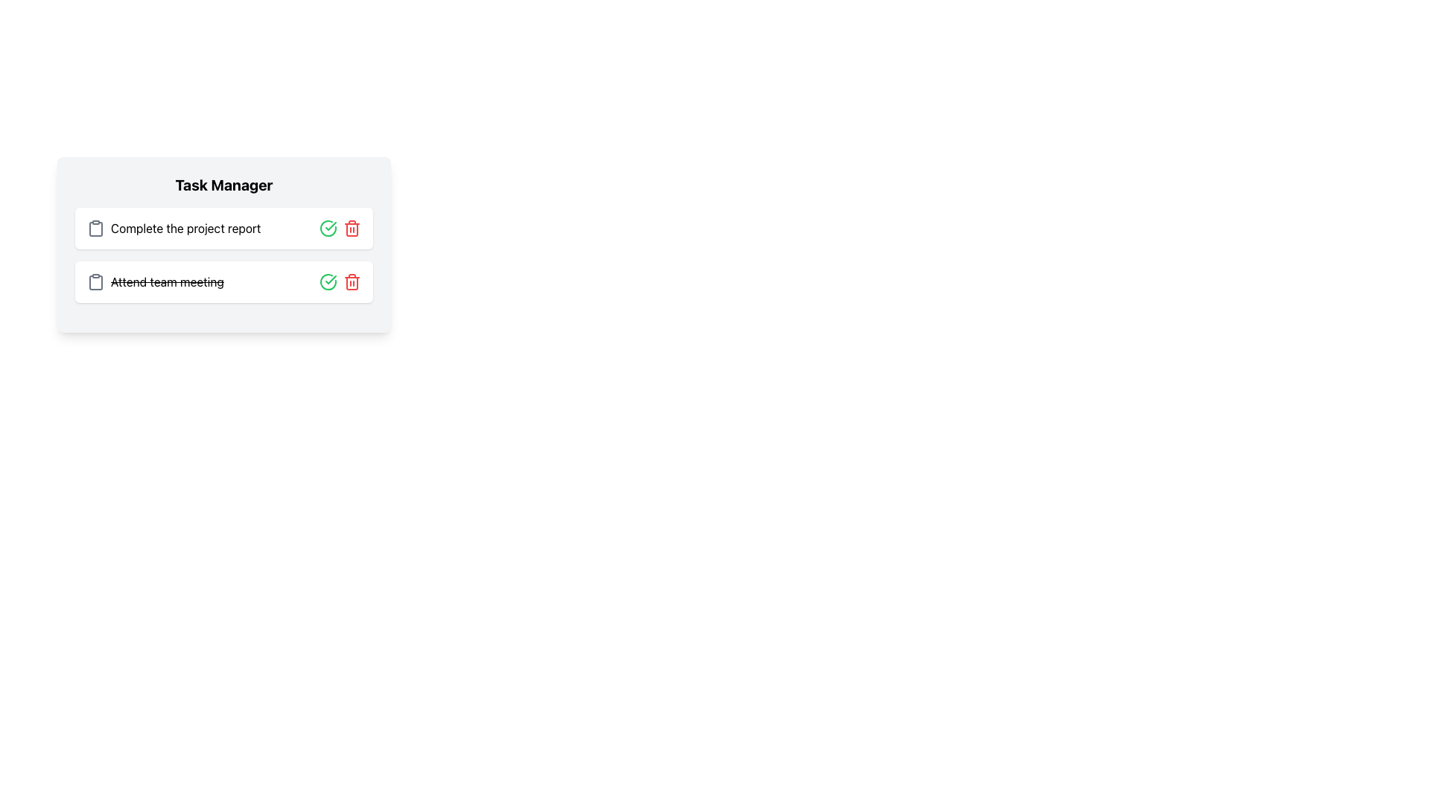 Image resolution: width=1430 pixels, height=804 pixels. What do you see at coordinates (330, 226) in the screenshot?
I see `the green checkmark icon located to the right of the 'Attend team meeting' task in the 'Task Manager' list to mark the task as complete` at bounding box center [330, 226].